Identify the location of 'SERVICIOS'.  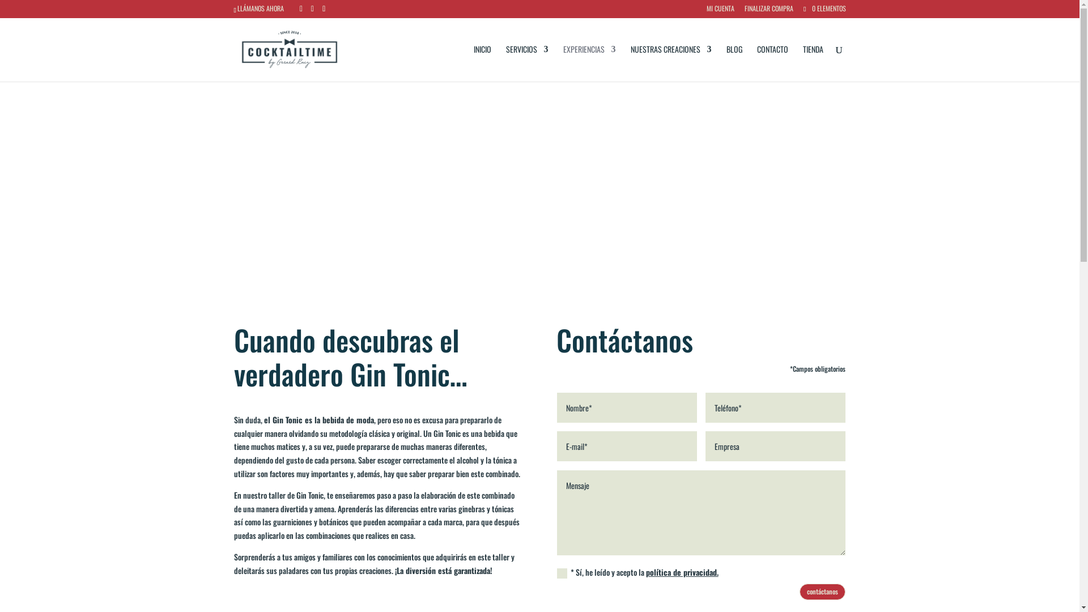
(526, 63).